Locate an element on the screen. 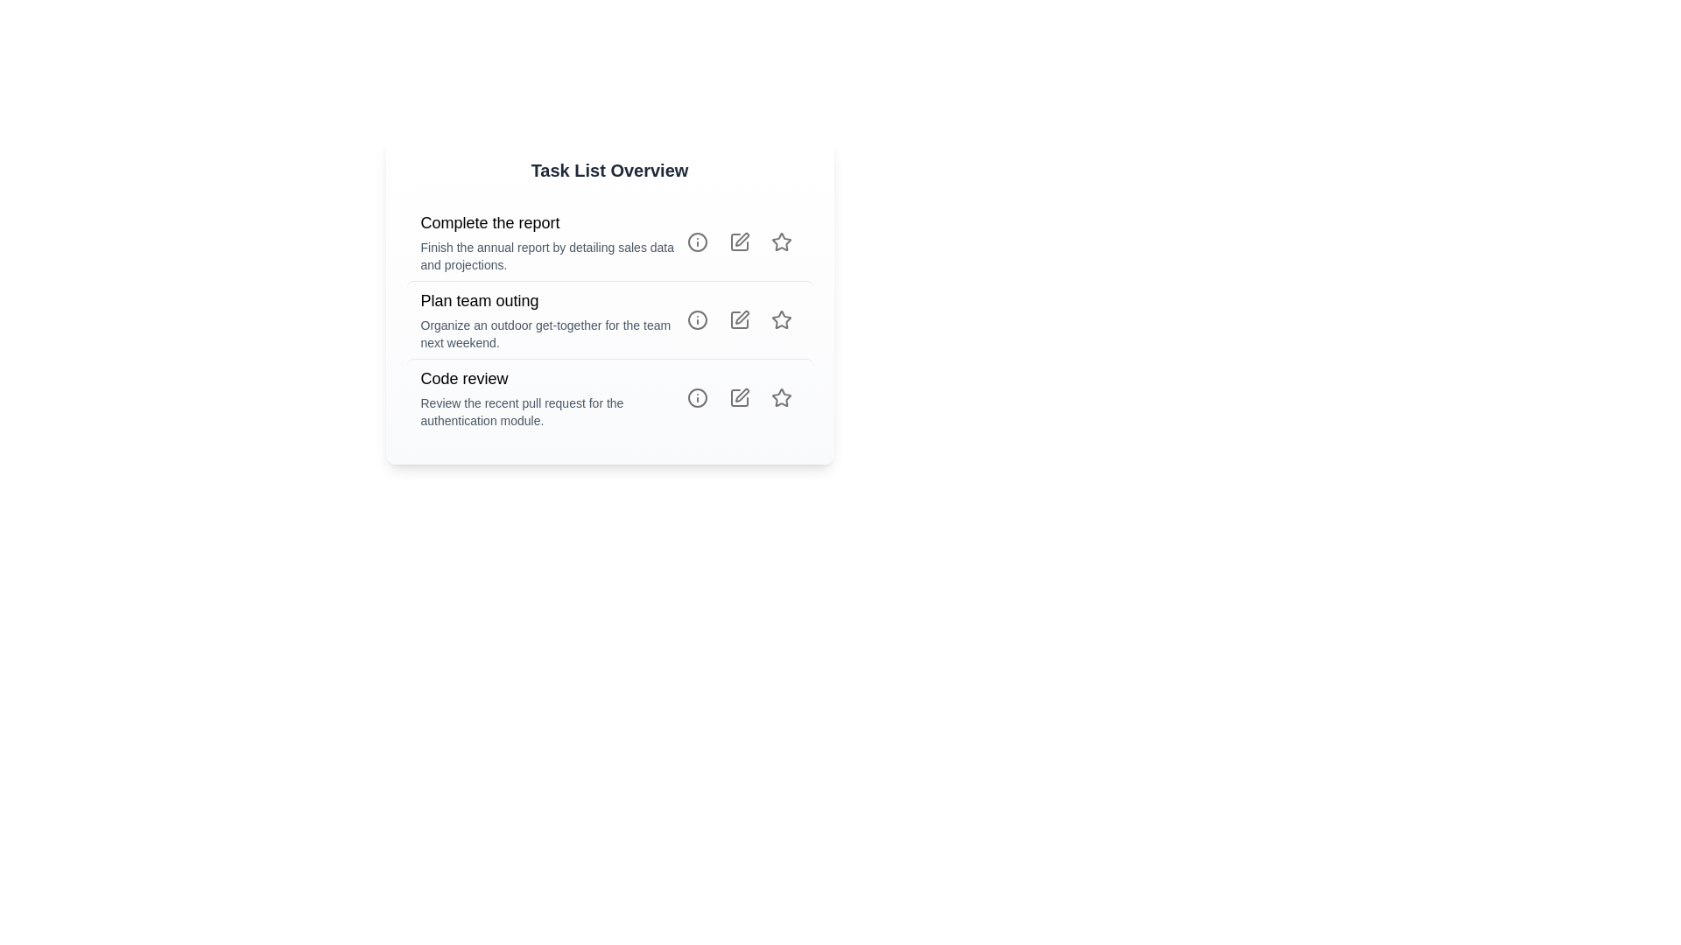 This screenshot has height=945, width=1681. the clickable icon representing an edit action, which is styled with a pen and square motif, located in the horizontal action bar to the right of the task entry for 'Complete the report' is located at coordinates (742, 239).